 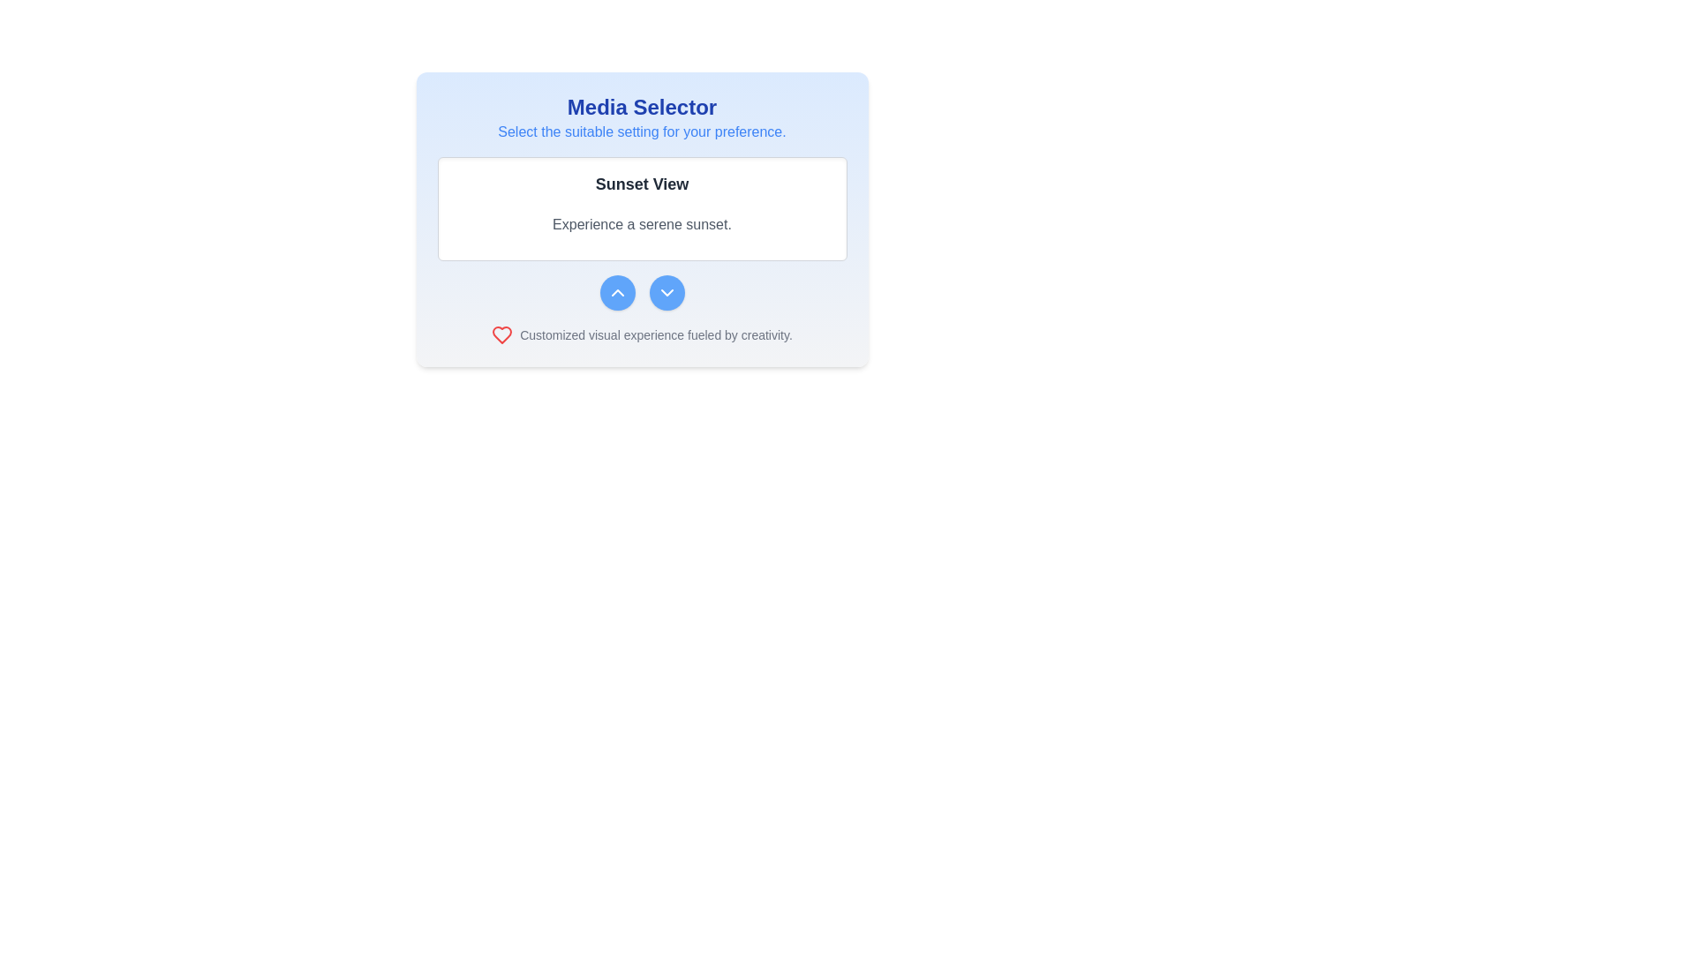 What do you see at coordinates (641, 291) in the screenshot?
I see `the upward arrow of the Interactive button pair located below the 'Sunset View' title to increment a value` at bounding box center [641, 291].